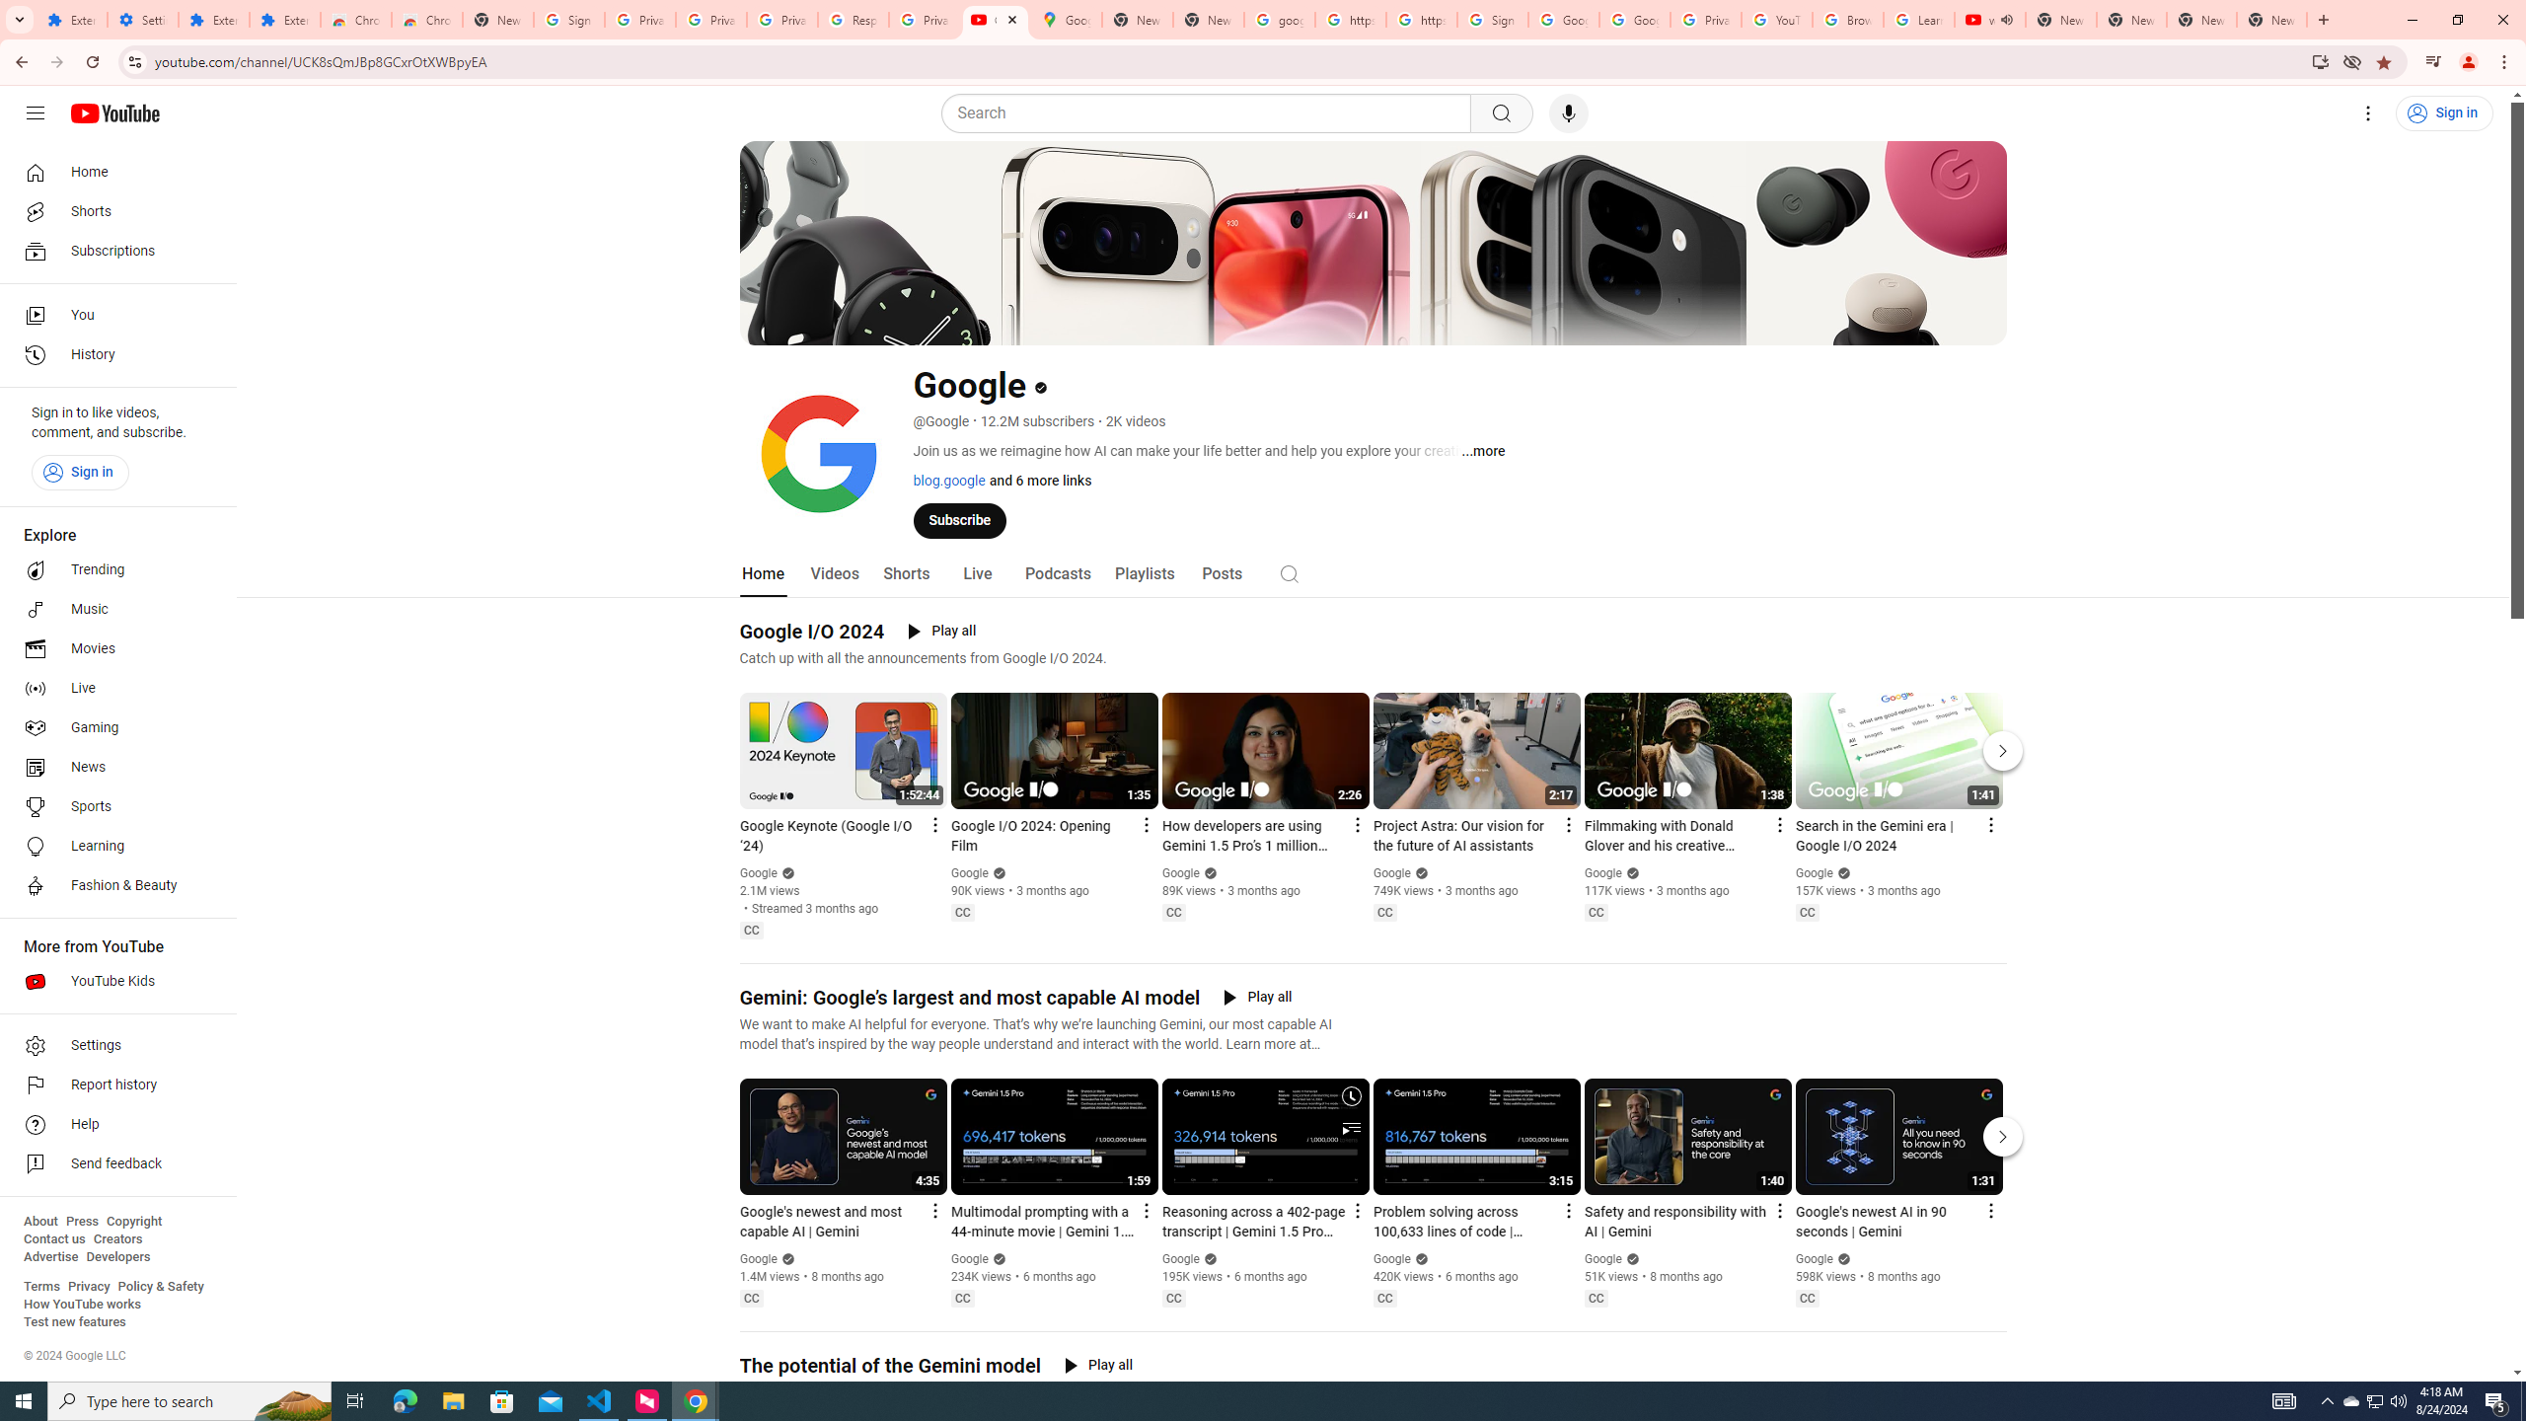 The image size is (2526, 1421). I want to click on 'Chrome', so click(2505, 61).